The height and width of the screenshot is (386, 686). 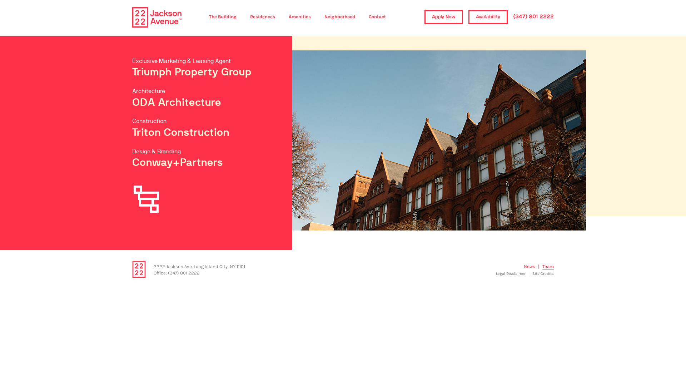 What do you see at coordinates (222, 16) in the screenshot?
I see `'The Building'` at bounding box center [222, 16].